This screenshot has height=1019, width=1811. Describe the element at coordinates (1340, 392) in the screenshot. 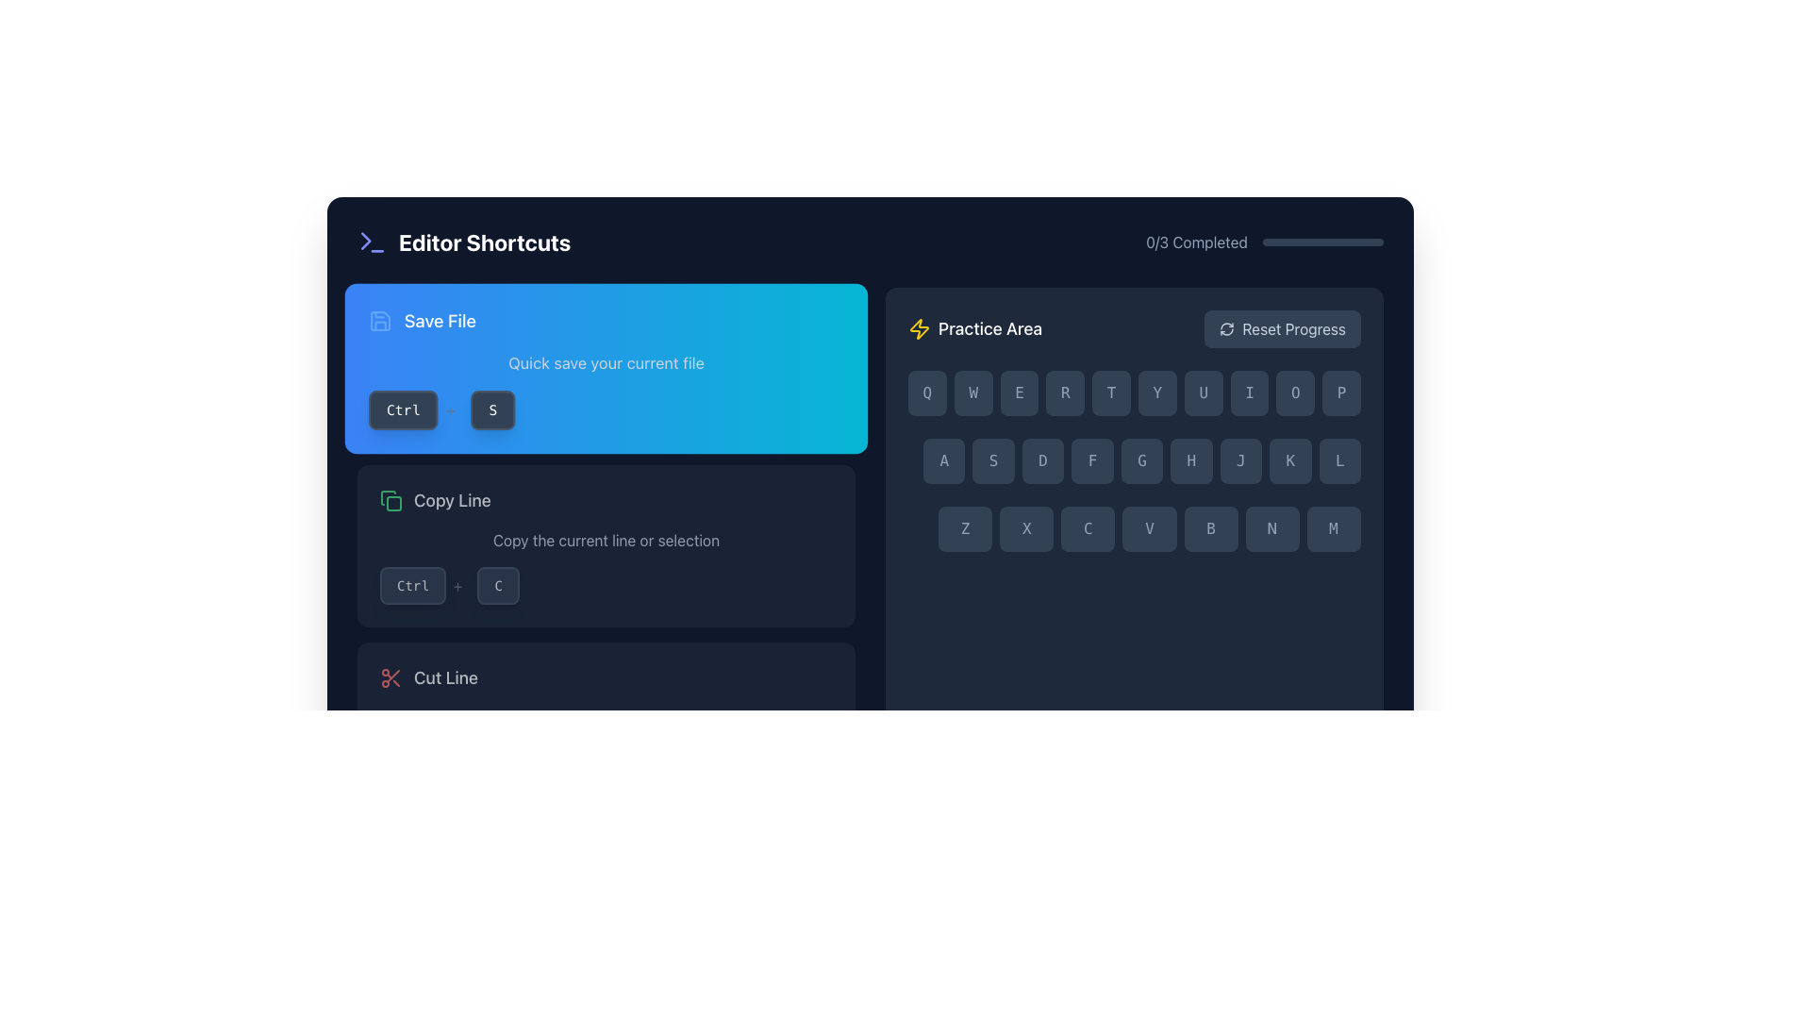

I see `the button representing the letter 'P' on the virtual keyboard` at that location.